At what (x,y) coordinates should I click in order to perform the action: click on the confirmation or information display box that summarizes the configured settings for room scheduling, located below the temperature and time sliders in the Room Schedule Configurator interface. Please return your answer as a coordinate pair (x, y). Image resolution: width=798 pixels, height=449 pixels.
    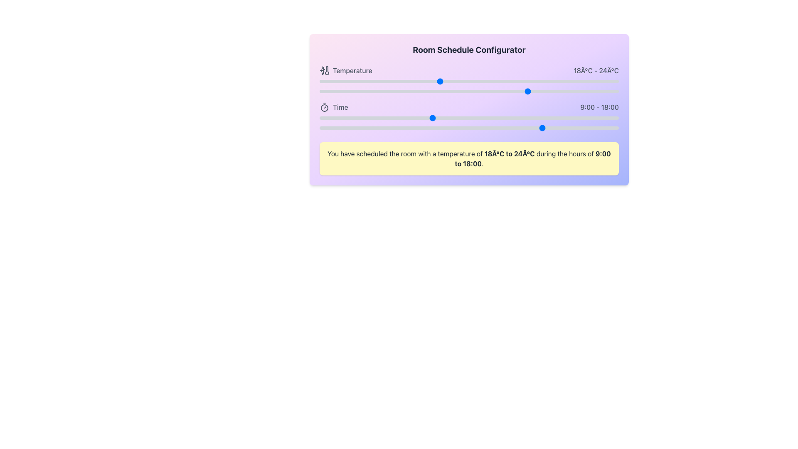
    Looking at the image, I should click on (469, 158).